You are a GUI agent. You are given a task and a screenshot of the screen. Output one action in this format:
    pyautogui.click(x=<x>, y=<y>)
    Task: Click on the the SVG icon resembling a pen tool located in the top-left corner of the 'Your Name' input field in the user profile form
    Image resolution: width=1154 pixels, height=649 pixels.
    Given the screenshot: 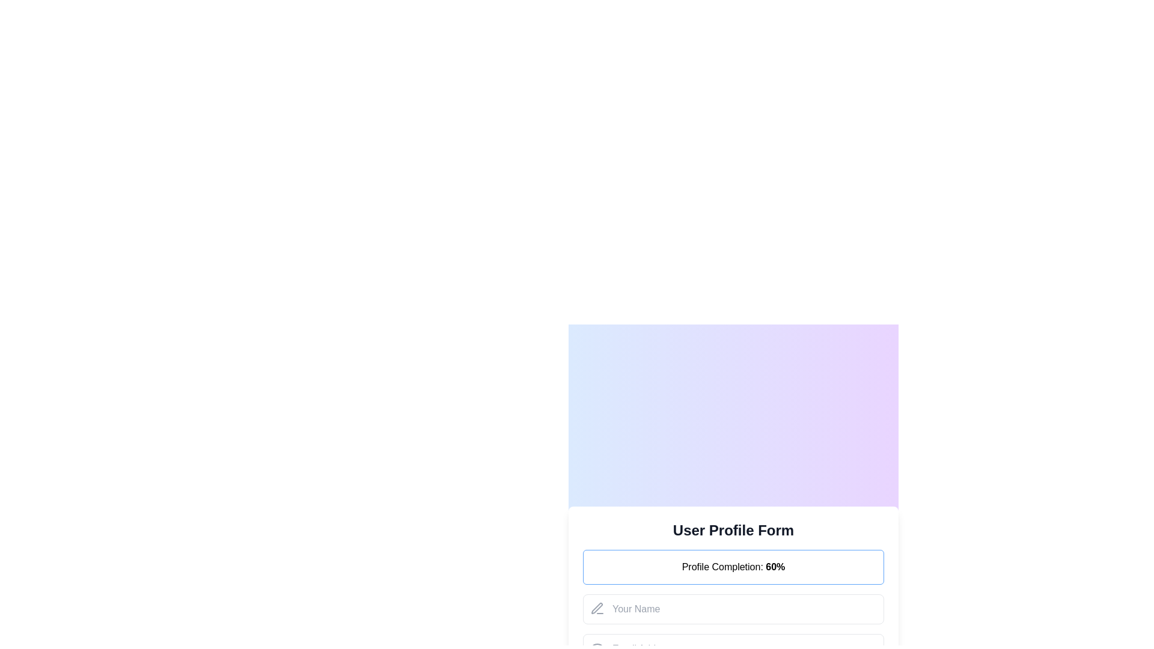 What is the action you would take?
    pyautogui.click(x=597, y=608)
    